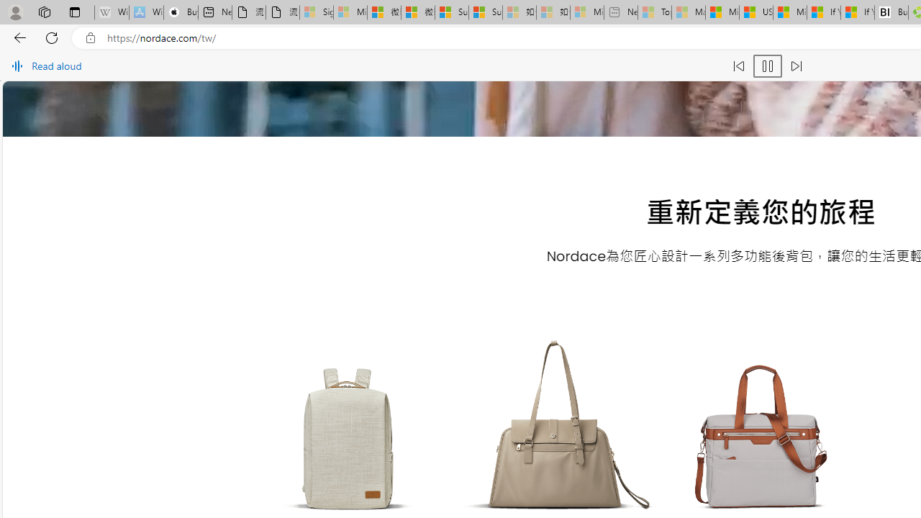 The height and width of the screenshot is (518, 921). I want to click on 'US Heat Deaths Soared To Record High Last Year', so click(755, 12).